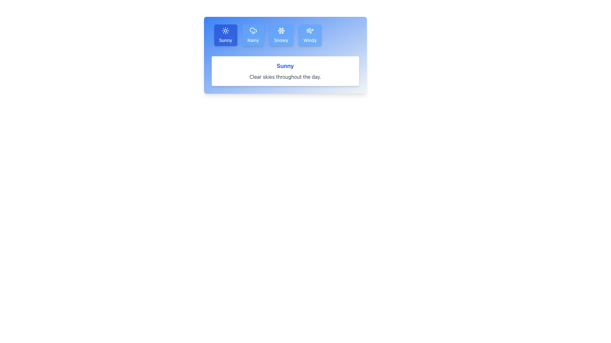  Describe the element at coordinates (281, 40) in the screenshot. I see `the text label displaying 'Snowy', which is positioned below a snowflake icon in the third button of a horizontal set of options` at that location.